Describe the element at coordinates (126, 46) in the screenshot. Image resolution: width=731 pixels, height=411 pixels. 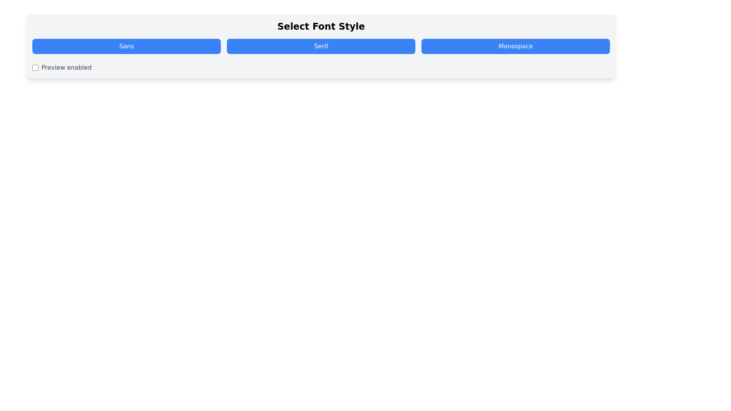
I see `the 'Sans' font style button, which is the first button in a group of three horizontally aligned buttons` at that location.